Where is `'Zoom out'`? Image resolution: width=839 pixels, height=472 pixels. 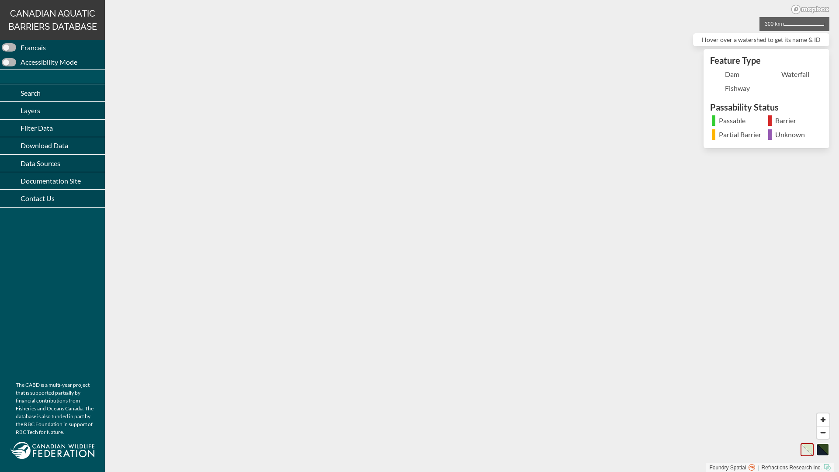
'Zoom out' is located at coordinates (822, 433).